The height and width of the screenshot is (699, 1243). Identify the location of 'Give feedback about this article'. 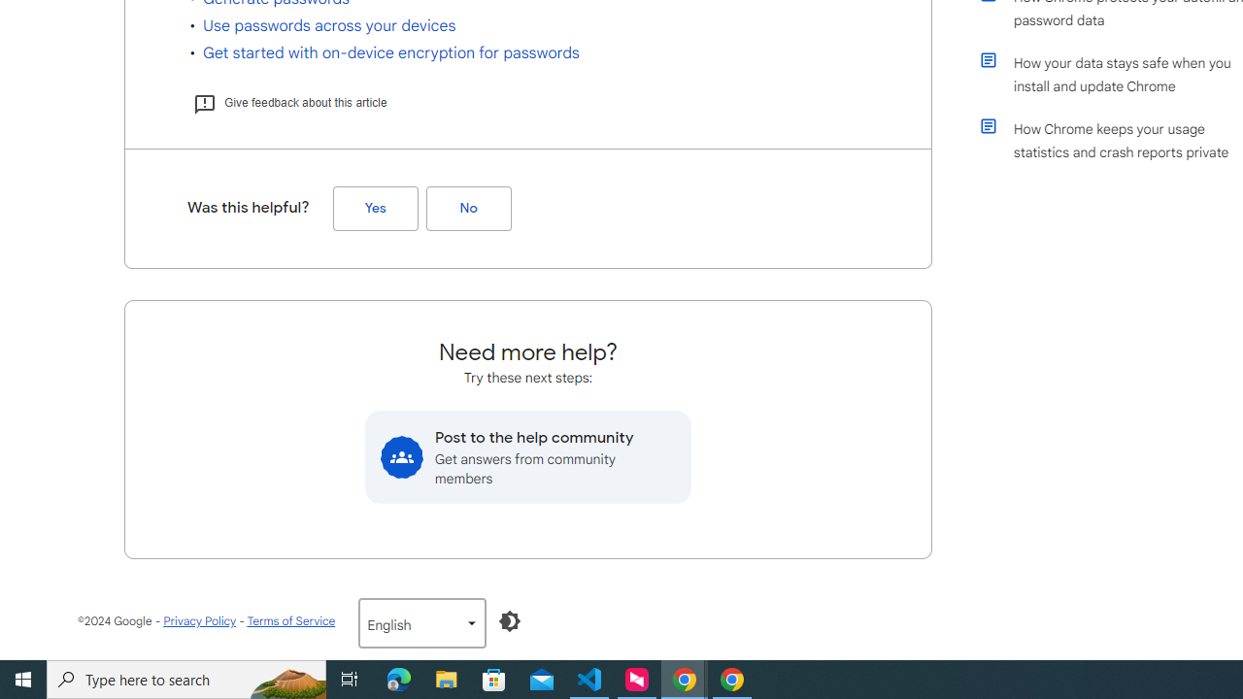
(288, 102).